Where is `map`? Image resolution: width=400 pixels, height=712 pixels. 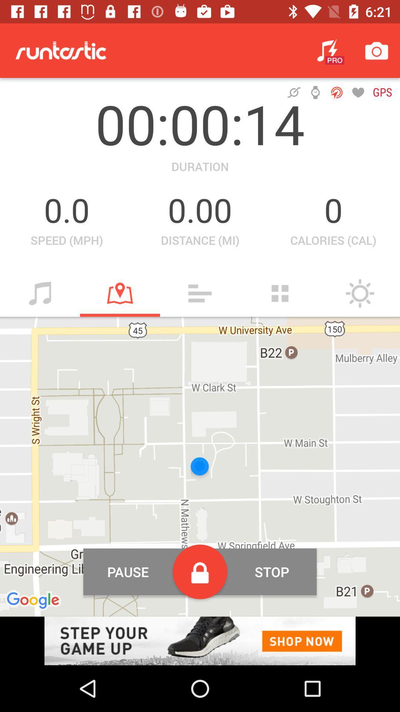 map is located at coordinates (120, 293).